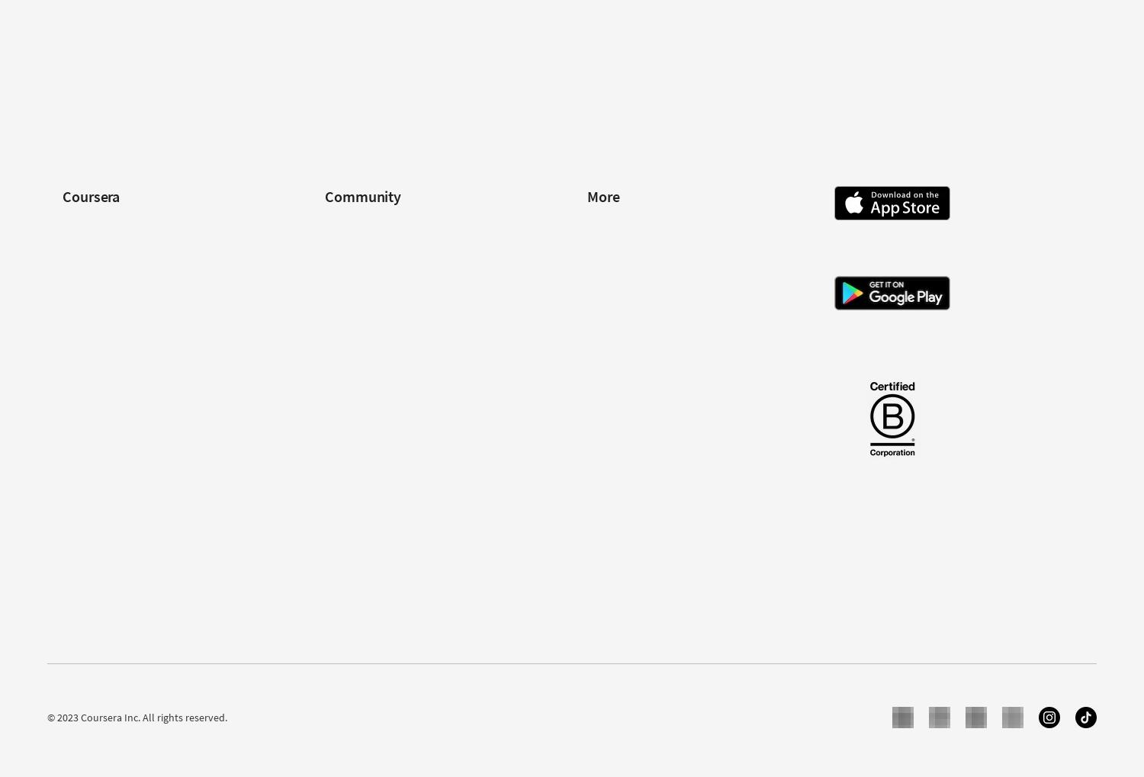 This screenshot has height=777, width=1144. I want to click on 'See All Courses', so click(621, 74).